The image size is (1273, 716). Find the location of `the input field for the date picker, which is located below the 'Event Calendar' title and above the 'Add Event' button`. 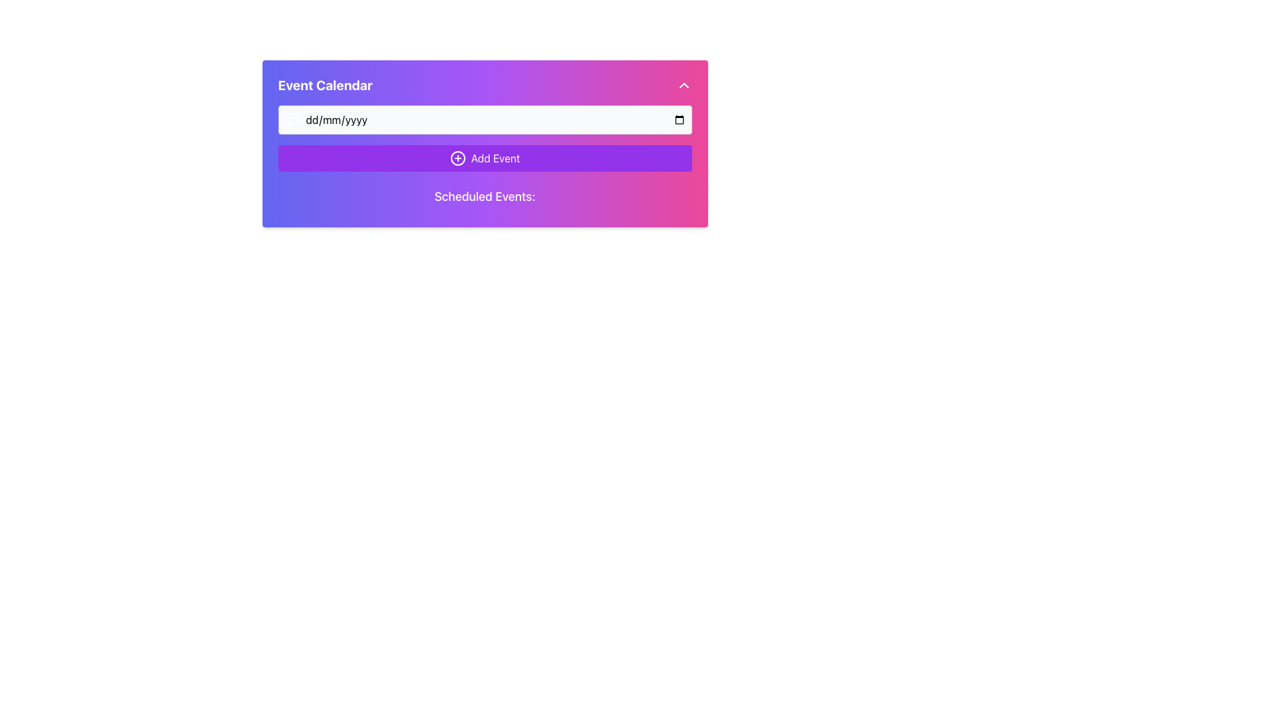

the input field for the date picker, which is located below the 'Event Calendar' title and above the 'Add Event' button is located at coordinates (484, 120).